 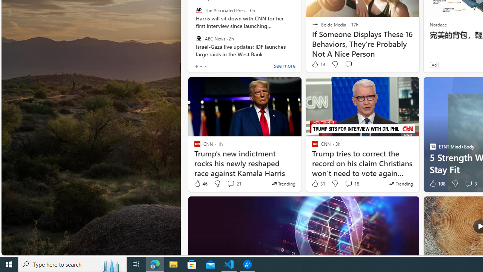 I want to click on '108 Like', so click(x=437, y=184).